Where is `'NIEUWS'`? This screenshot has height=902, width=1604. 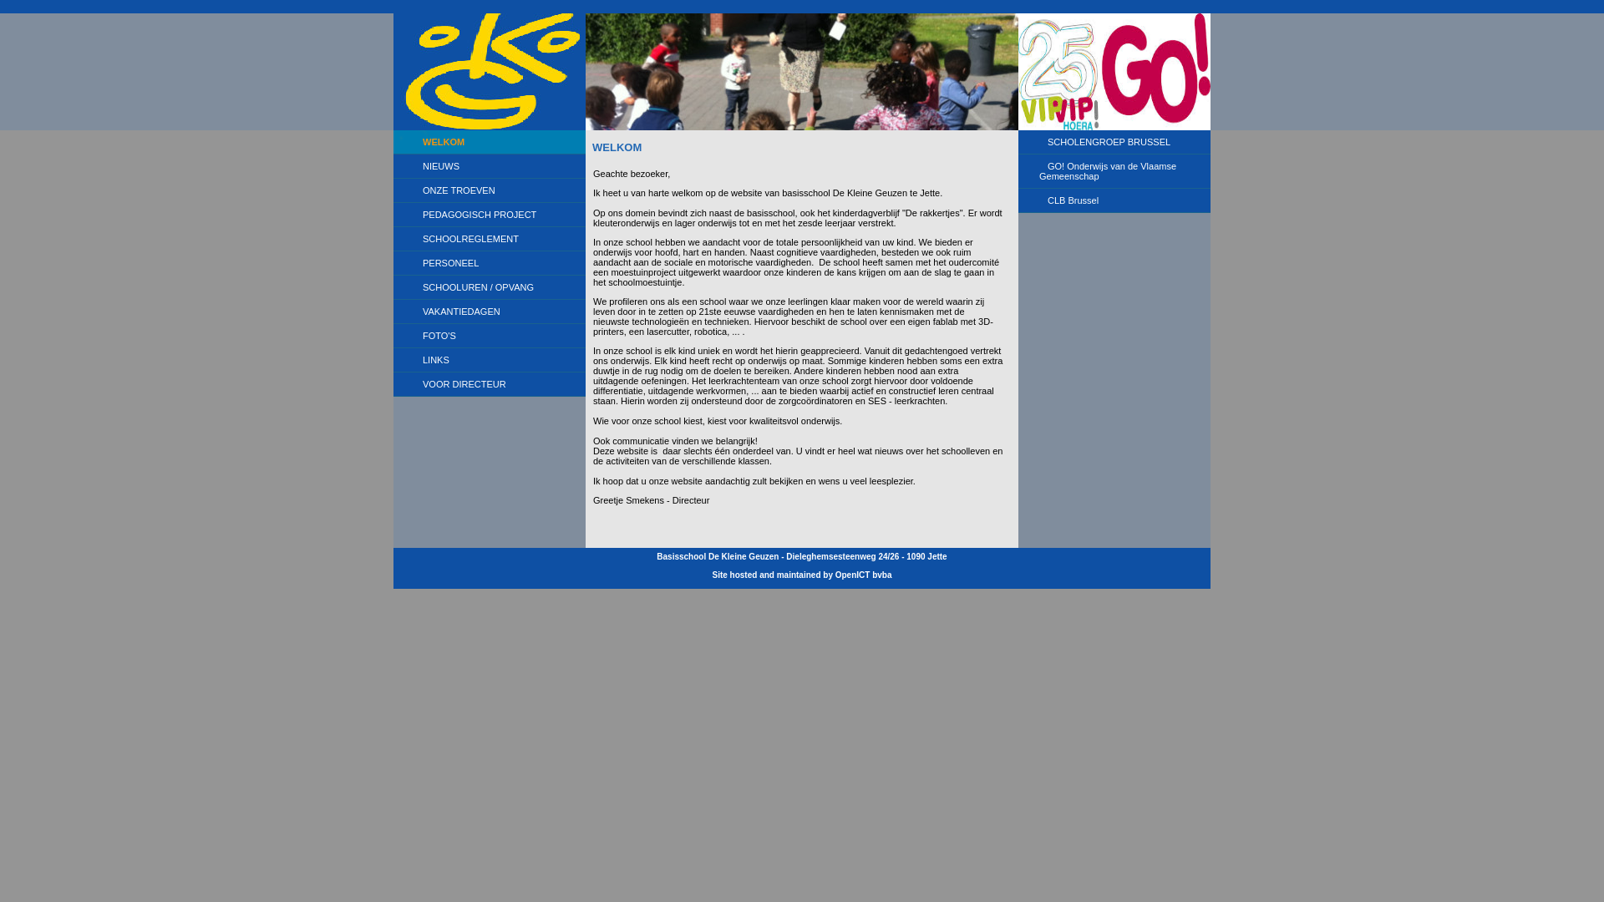
'NIEUWS' is located at coordinates (392, 166).